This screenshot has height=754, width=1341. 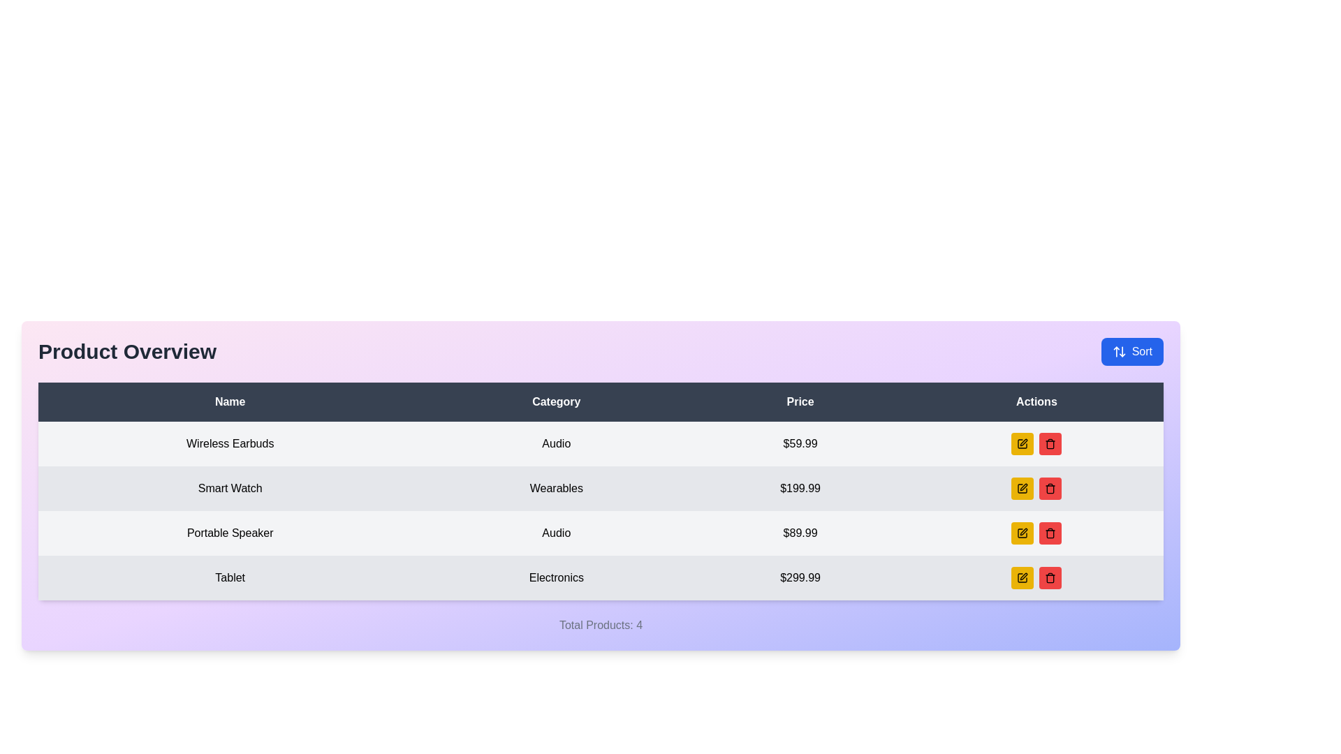 What do you see at coordinates (1050, 487) in the screenshot?
I see `the center of the delete button in the Actions column of the table` at bounding box center [1050, 487].